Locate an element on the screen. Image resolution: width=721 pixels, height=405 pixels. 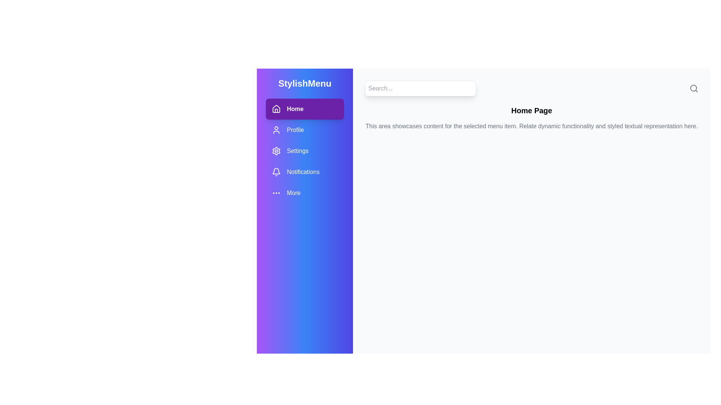
the menu item More to navigate to the corresponding page is located at coordinates (305, 193).